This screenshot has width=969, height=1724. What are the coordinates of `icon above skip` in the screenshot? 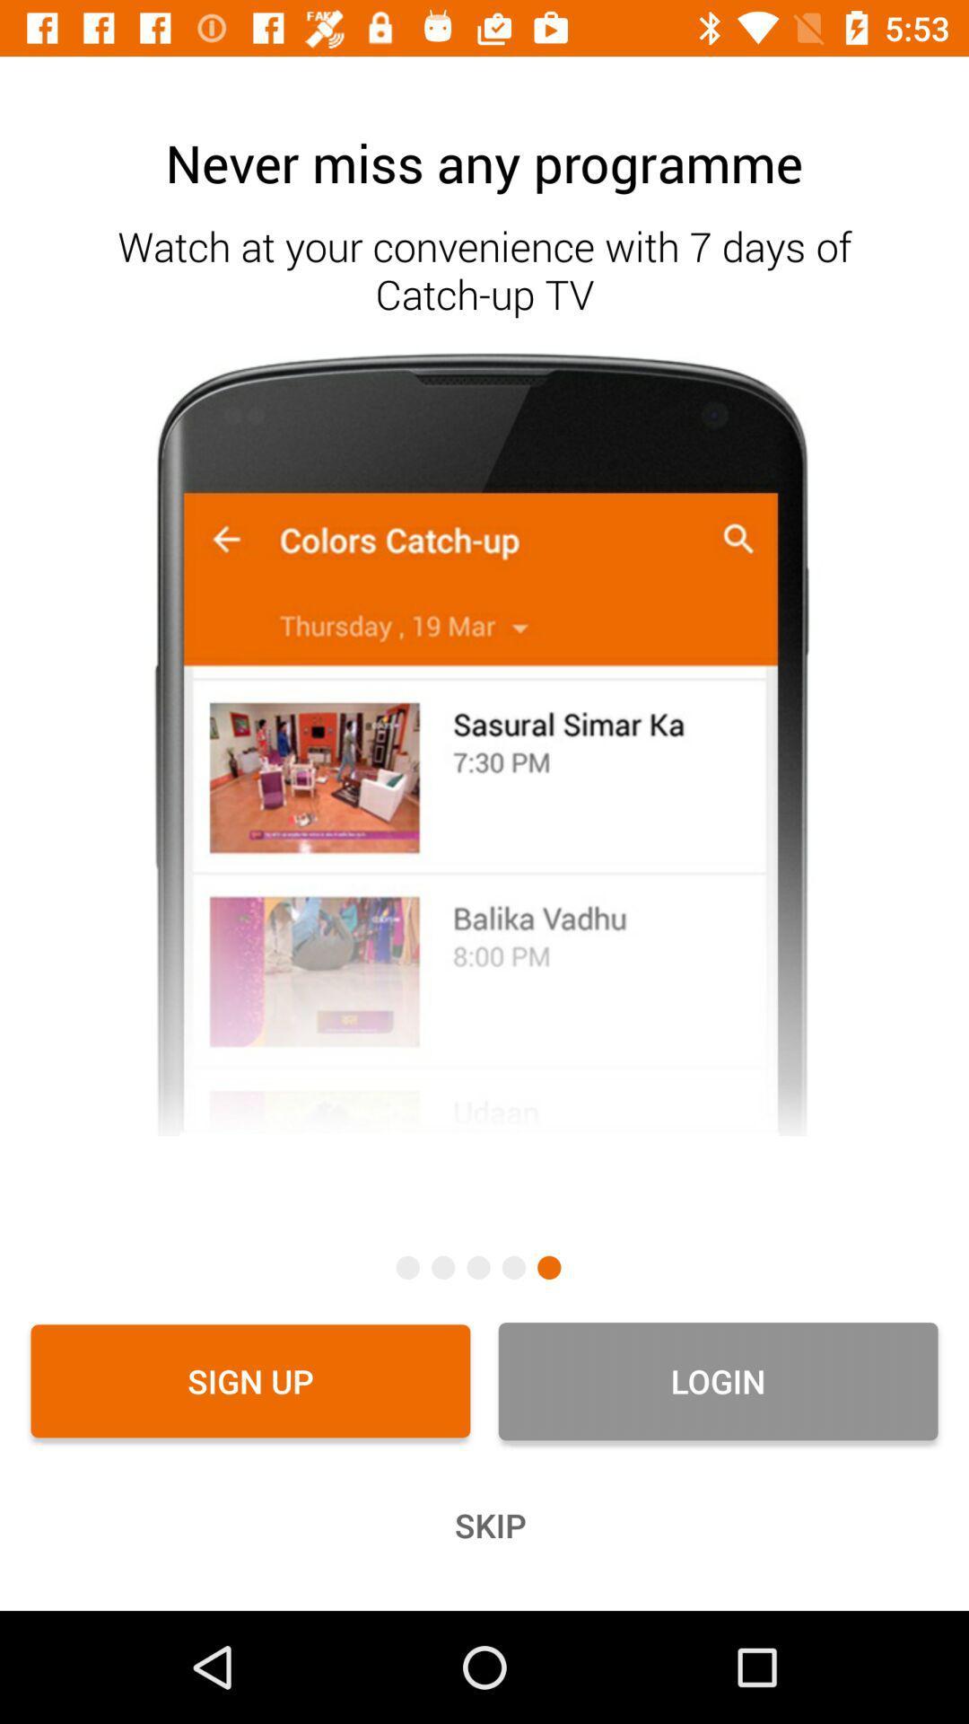 It's located at (250, 1380).